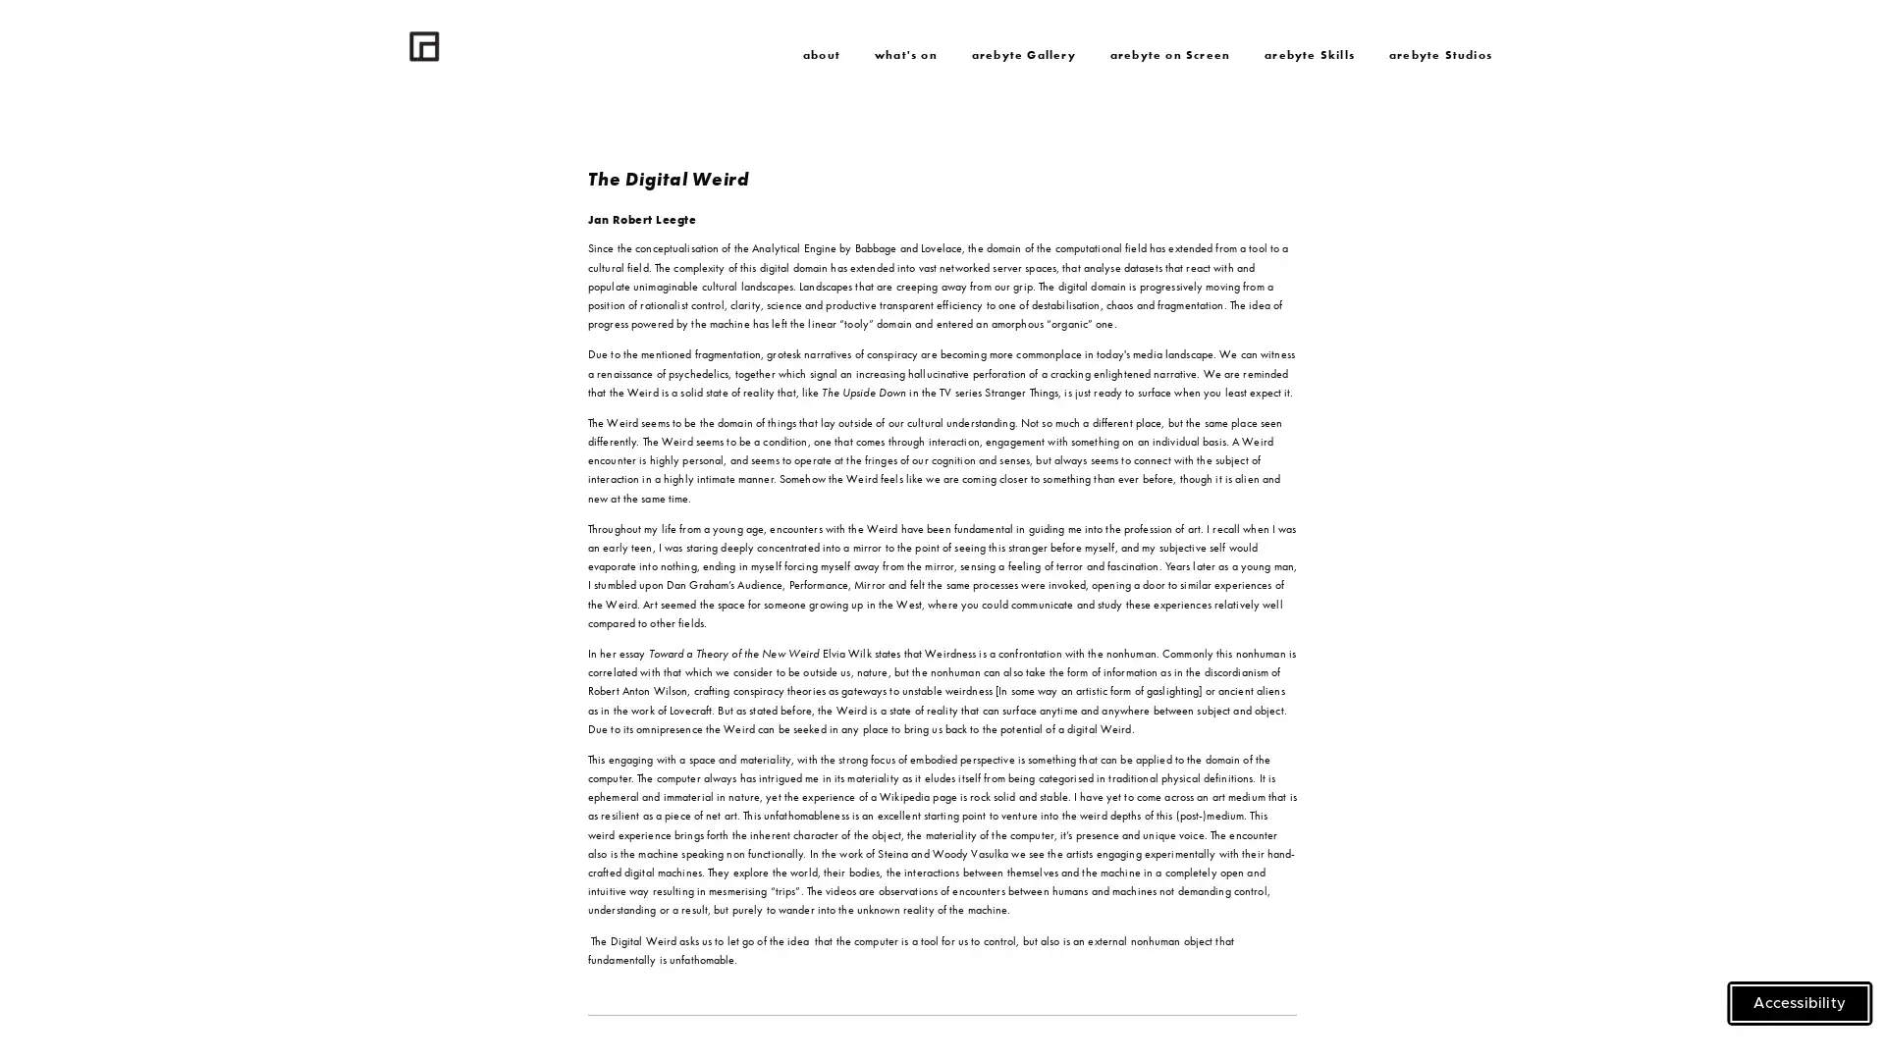 Image resolution: width=1885 pixels, height=1060 pixels. What do you see at coordinates (1800, 1003) in the screenshot?
I see `Accessibility Menu` at bounding box center [1800, 1003].